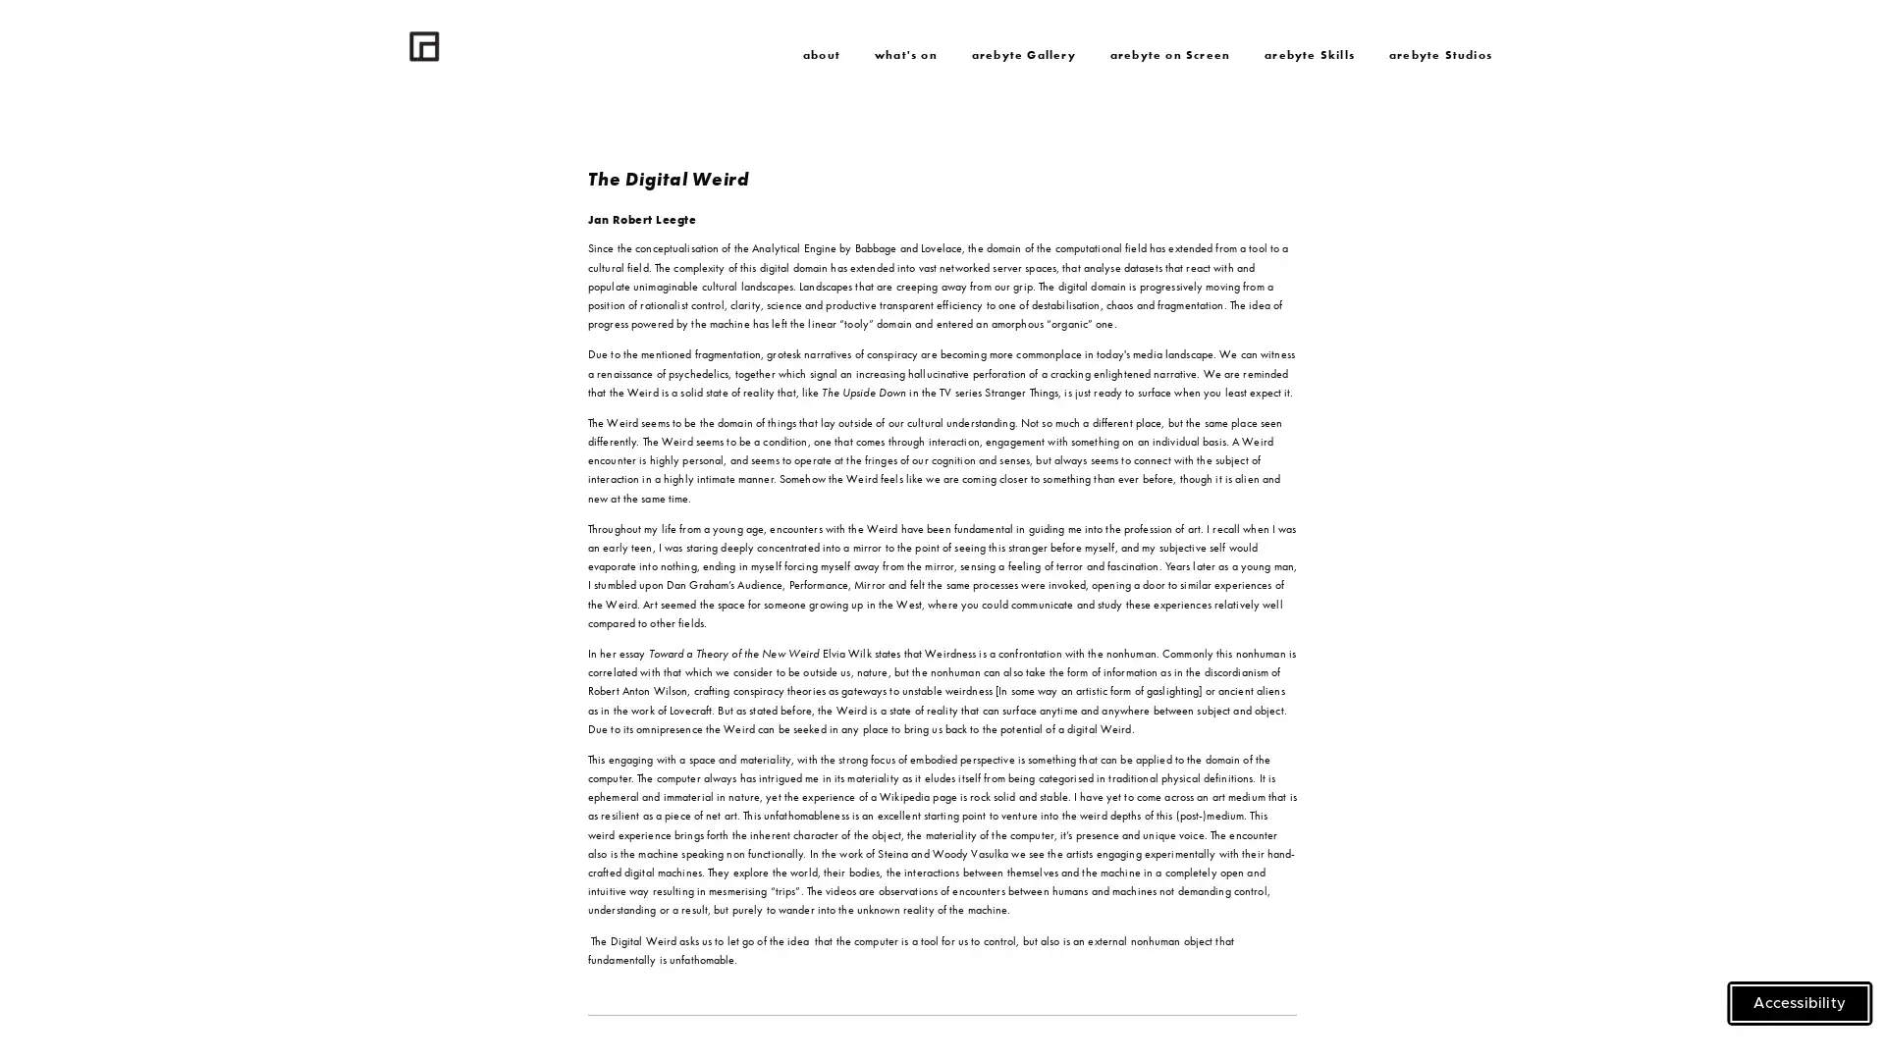 Image resolution: width=1885 pixels, height=1060 pixels. What do you see at coordinates (1800, 1003) in the screenshot?
I see `Accessibility Menu` at bounding box center [1800, 1003].